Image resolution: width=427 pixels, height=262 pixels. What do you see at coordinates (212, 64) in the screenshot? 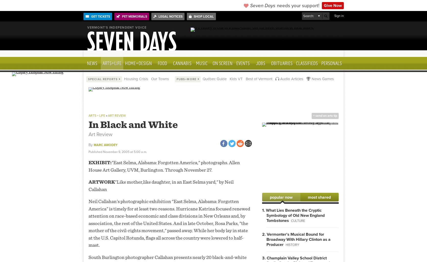
I see `'On Screen'` at bounding box center [212, 64].